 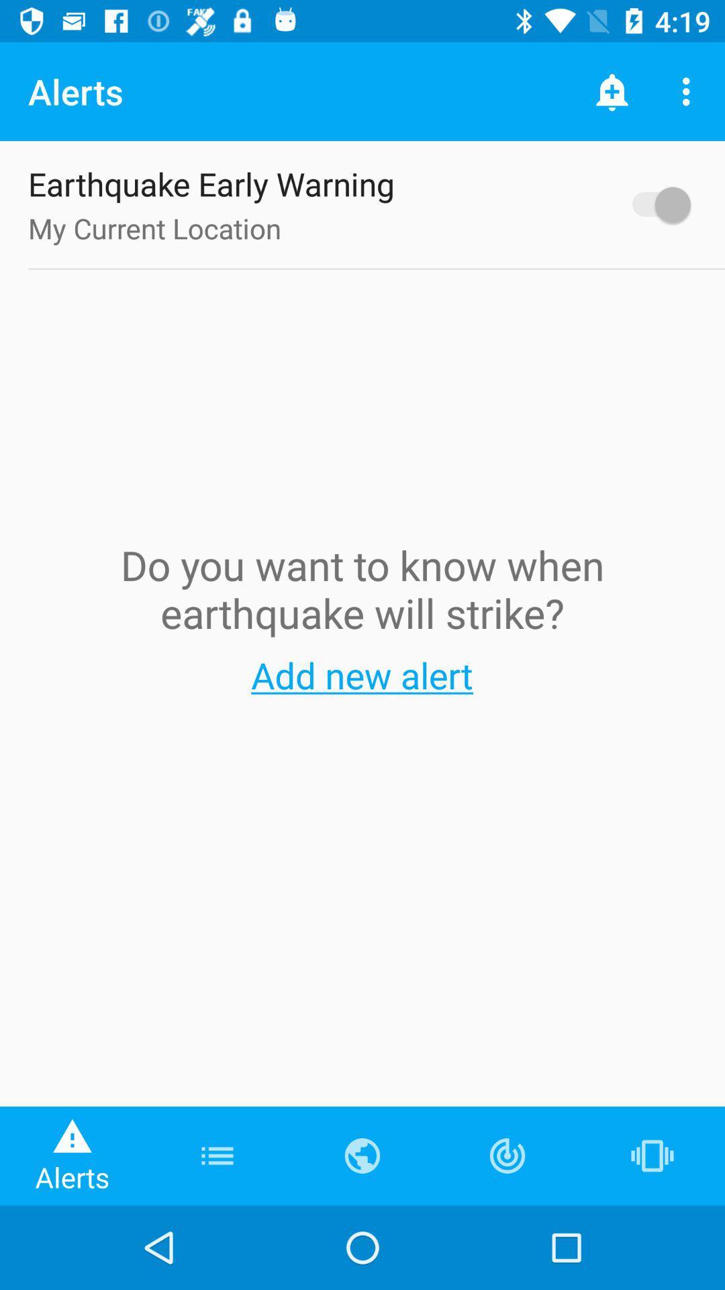 What do you see at coordinates (654, 204) in the screenshot?
I see `earthquake early warning` at bounding box center [654, 204].